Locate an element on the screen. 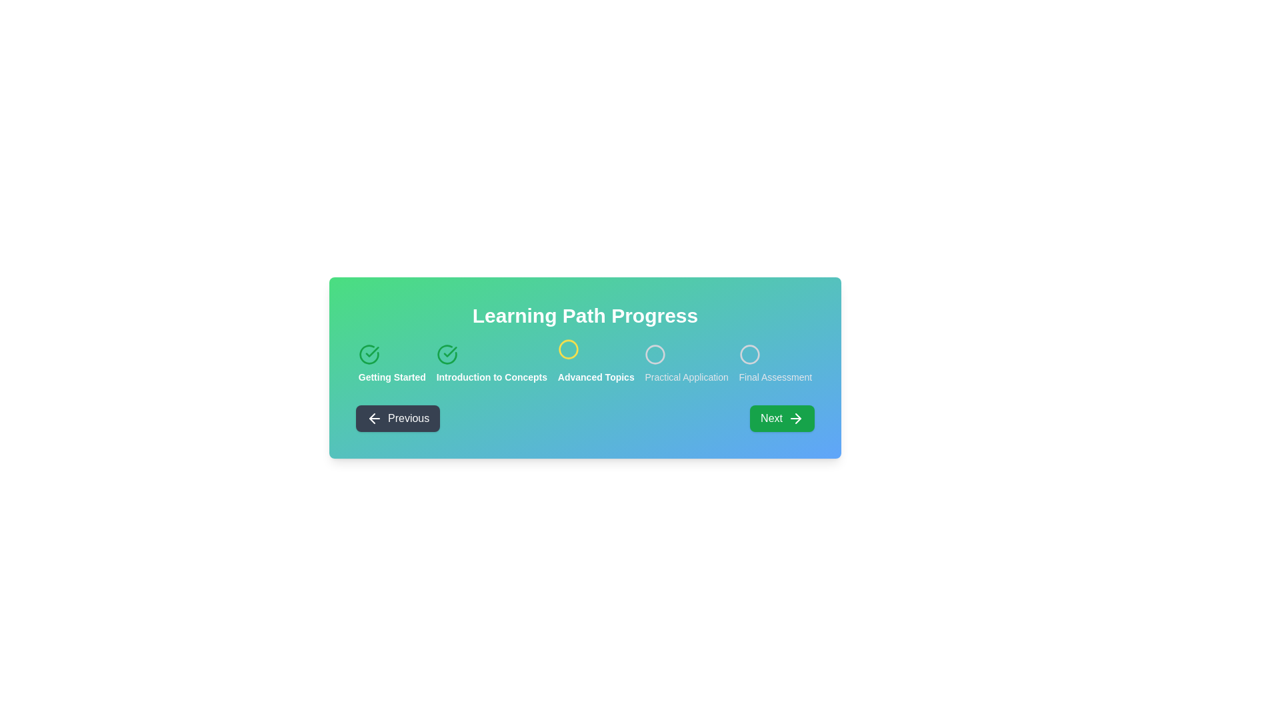 Image resolution: width=1280 pixels, height=720 pixels. the first icon in the horizontal sequence of progress indicators indicating that the 'Getting Started' step has been completed successfully is located at coordinates (369, 354).